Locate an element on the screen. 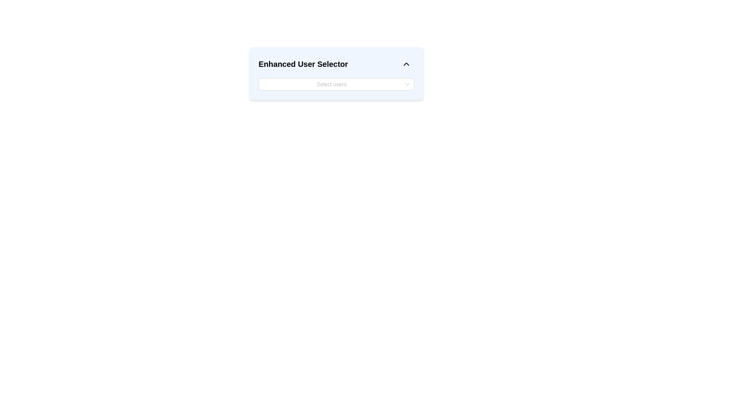 This screenshot has height=420, width=746. the dropdown input field with placeholder text 'Select users' is located at coordinates (332, 84).